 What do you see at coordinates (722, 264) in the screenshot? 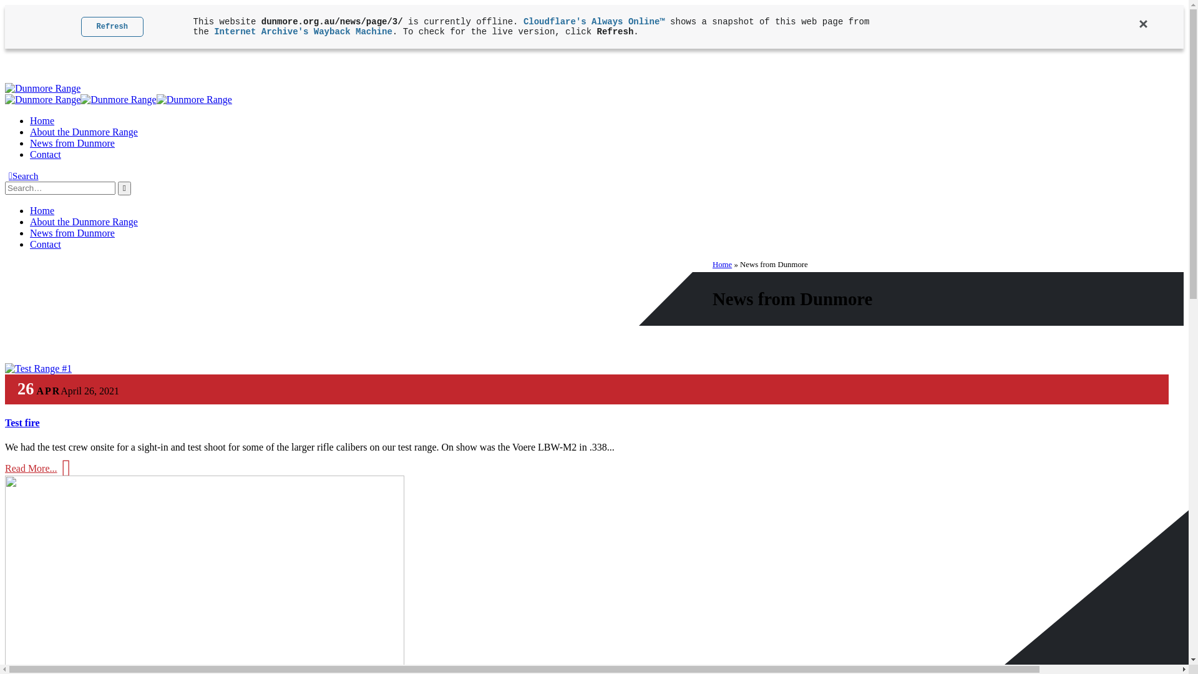
I see `'Home'` at bounding box center [722, 264].